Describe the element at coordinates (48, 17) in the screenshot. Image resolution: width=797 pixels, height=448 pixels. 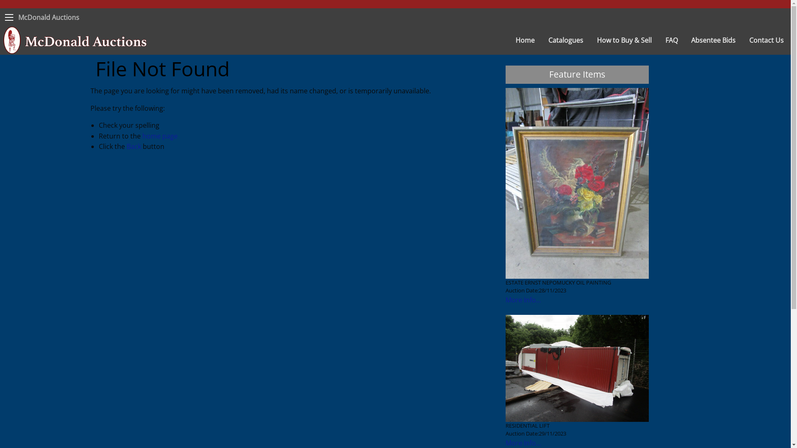
I see `'McDonald Auctions'` at that location.